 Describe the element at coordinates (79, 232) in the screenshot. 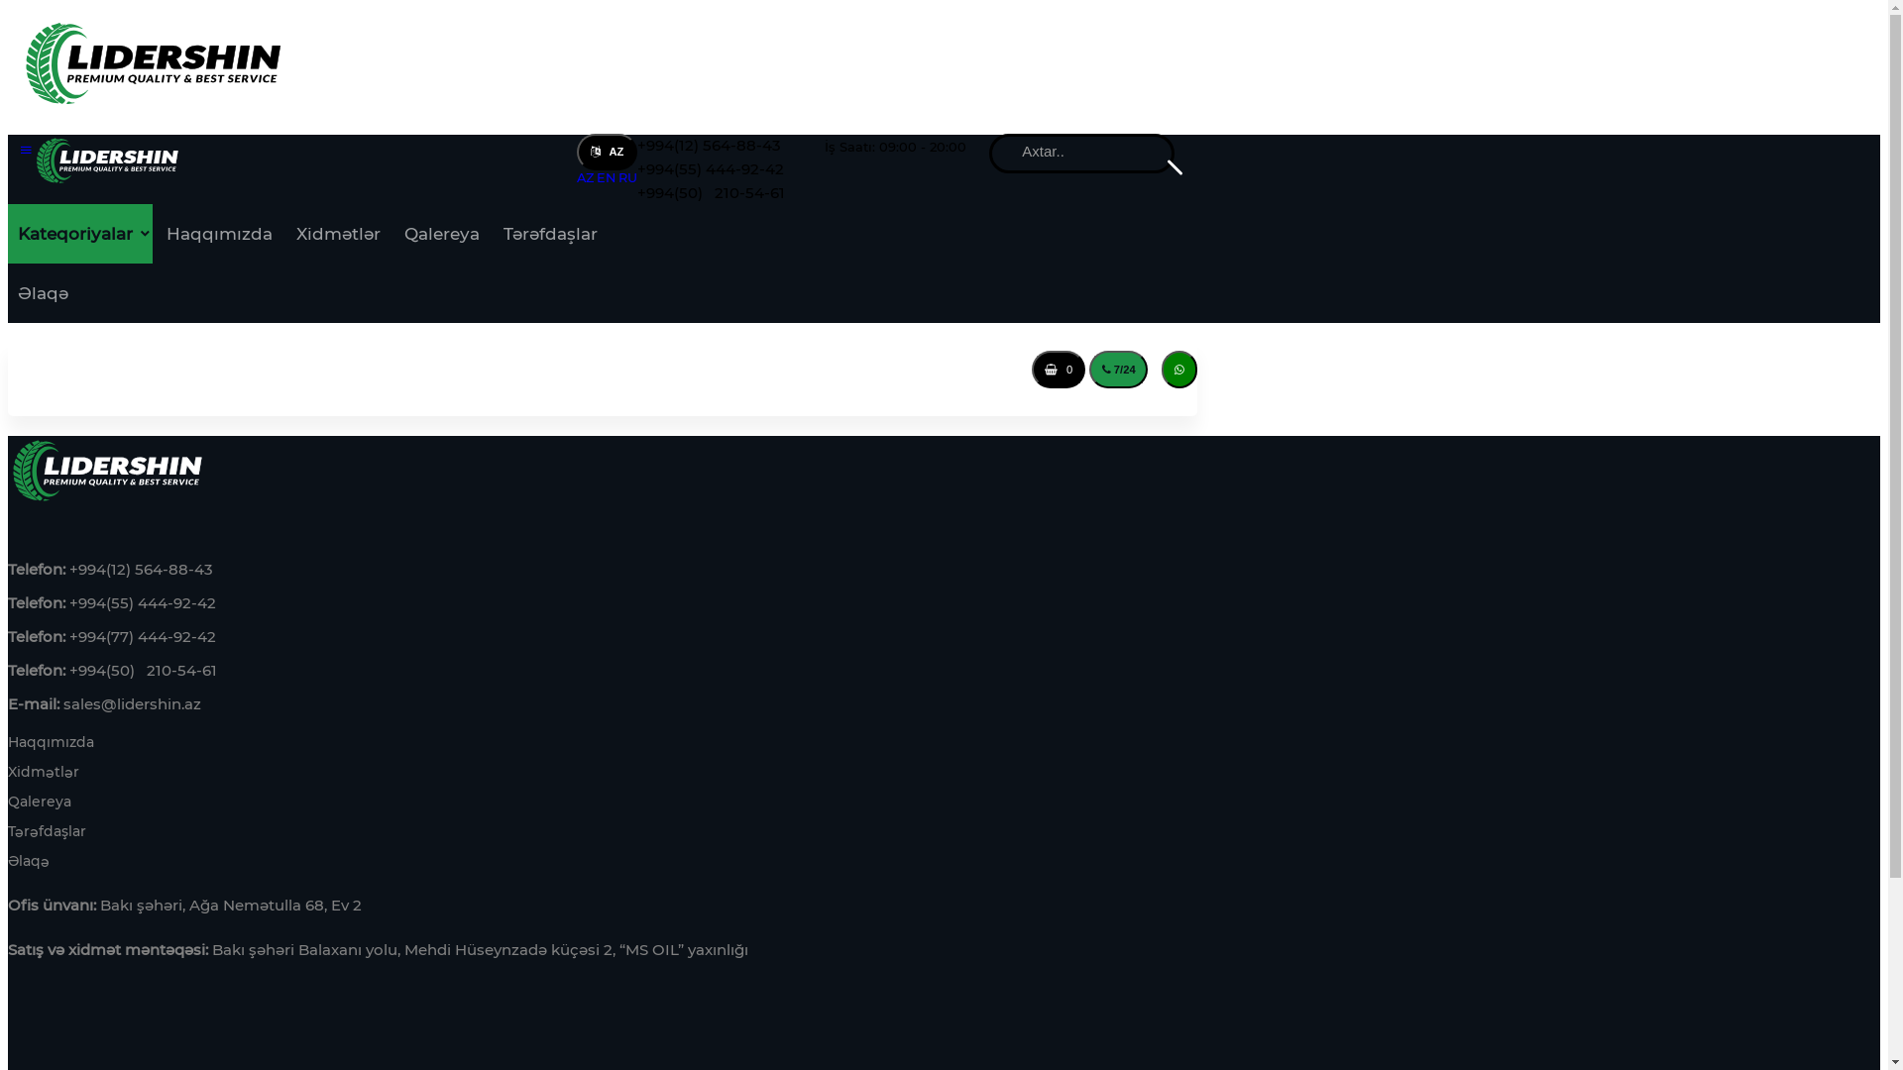

I see `'Kateqoriyalar'` at that location.